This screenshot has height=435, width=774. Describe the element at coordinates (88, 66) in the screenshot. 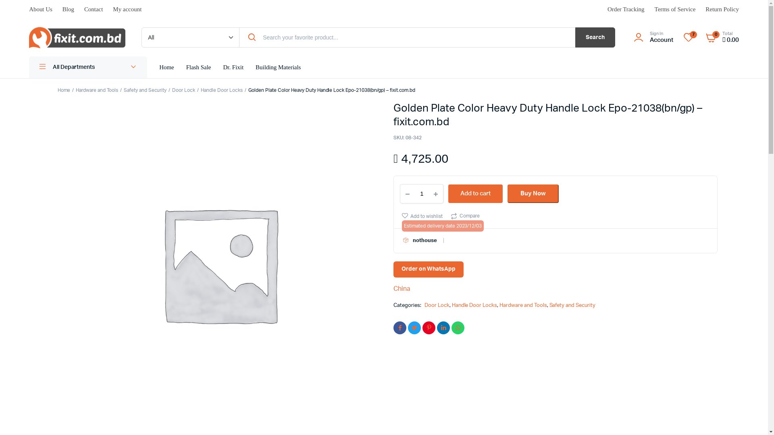

I see `'All Departments'` at that location.